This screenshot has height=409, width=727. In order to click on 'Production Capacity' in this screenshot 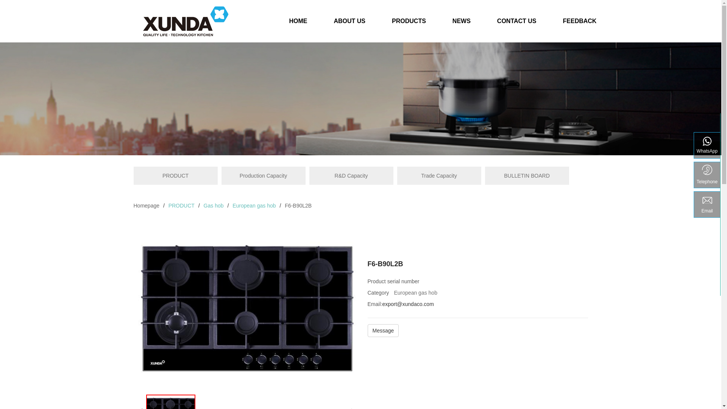, I will do `click(263, 175)`.